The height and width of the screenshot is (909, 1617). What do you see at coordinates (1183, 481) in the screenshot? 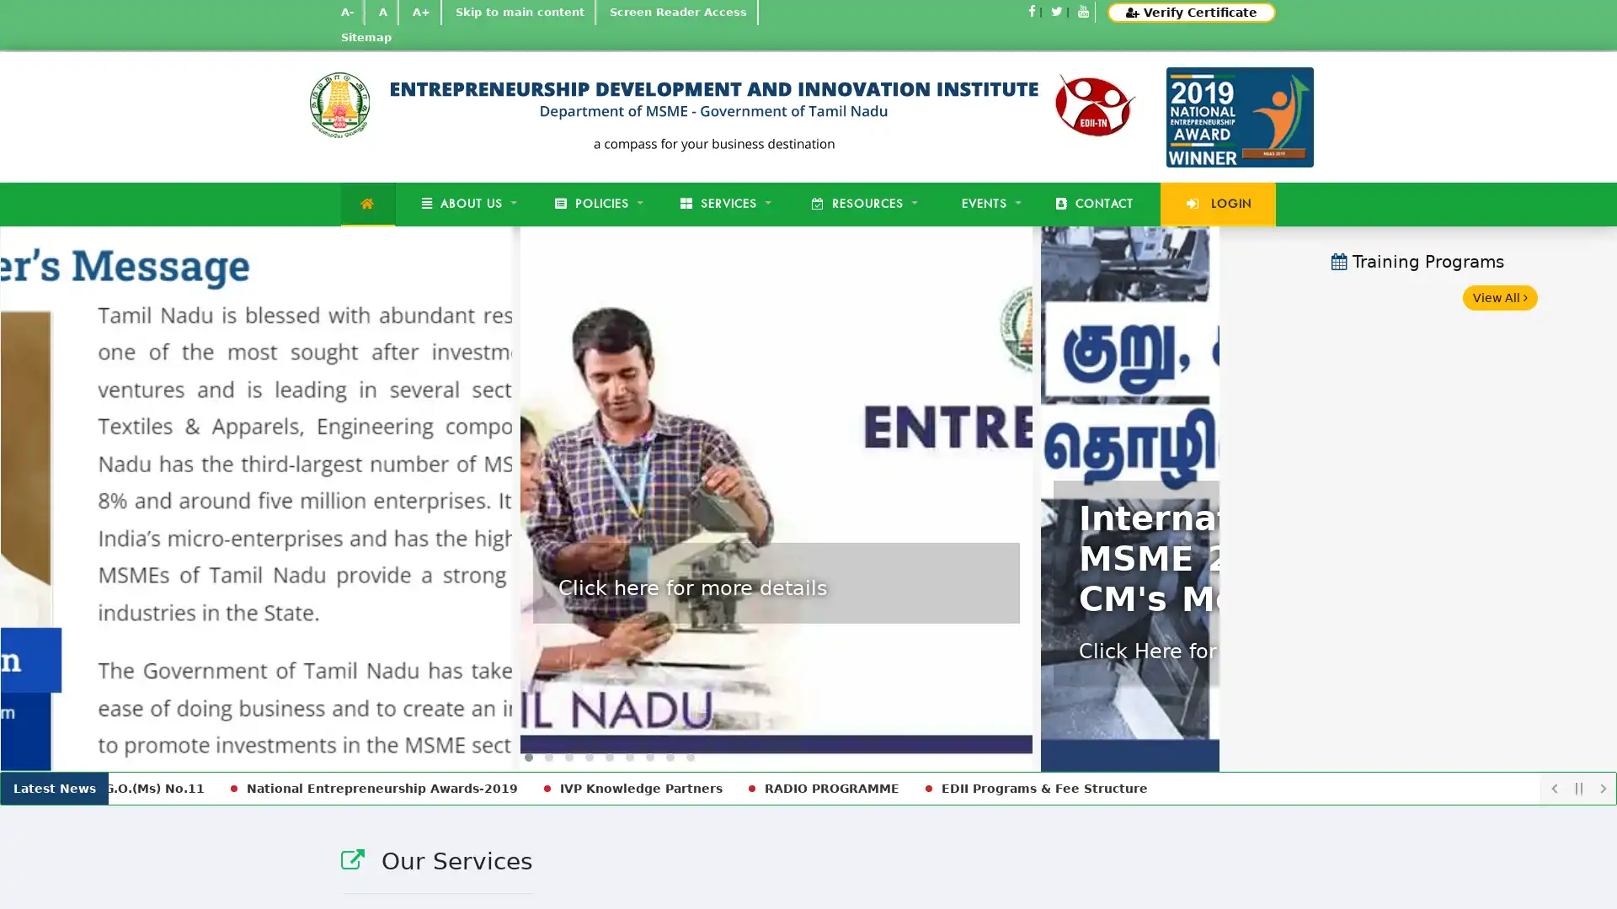
I see `Next` at bounding box center [1183, 481].